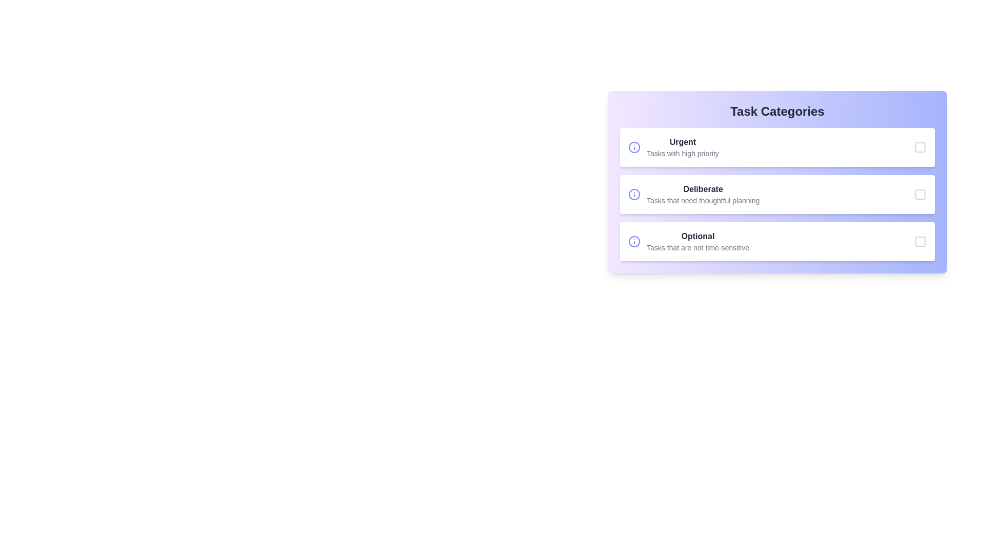 The width and height of the screenshot is (984, 553). What do you see at coordinates (920, 147) in the screenshot?
I see `the category Urgent by clicking its checkbox` at bounding box center [920, 147].